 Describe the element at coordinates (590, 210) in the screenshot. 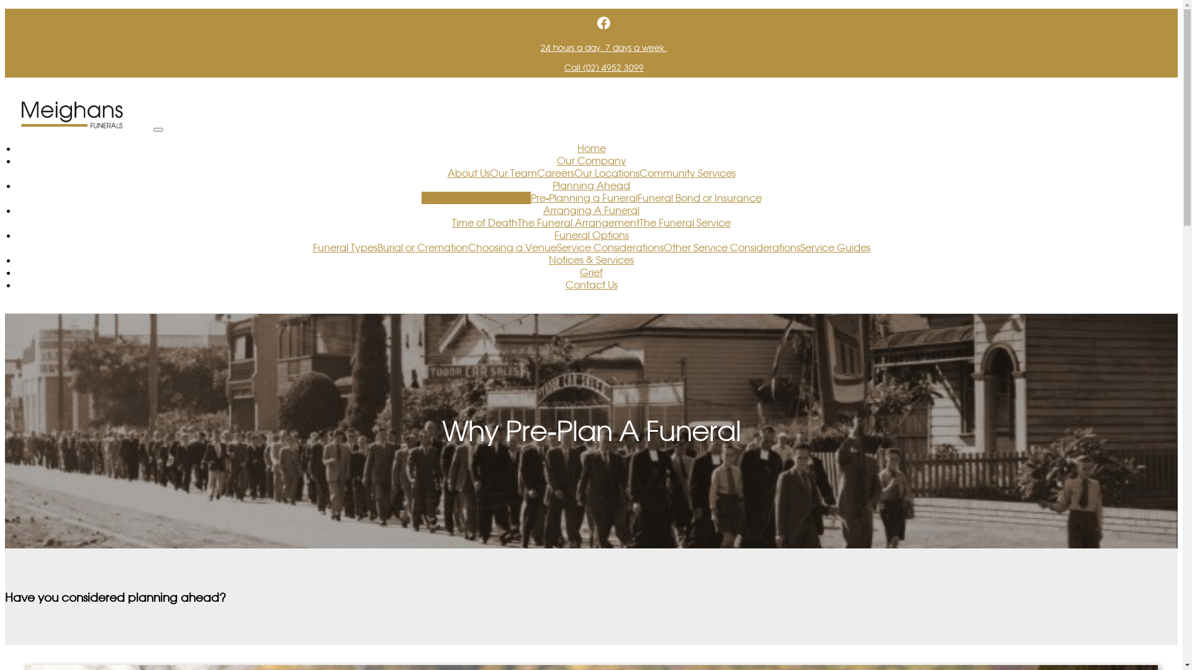

I see `'Arranging A Funeral'` at that location.